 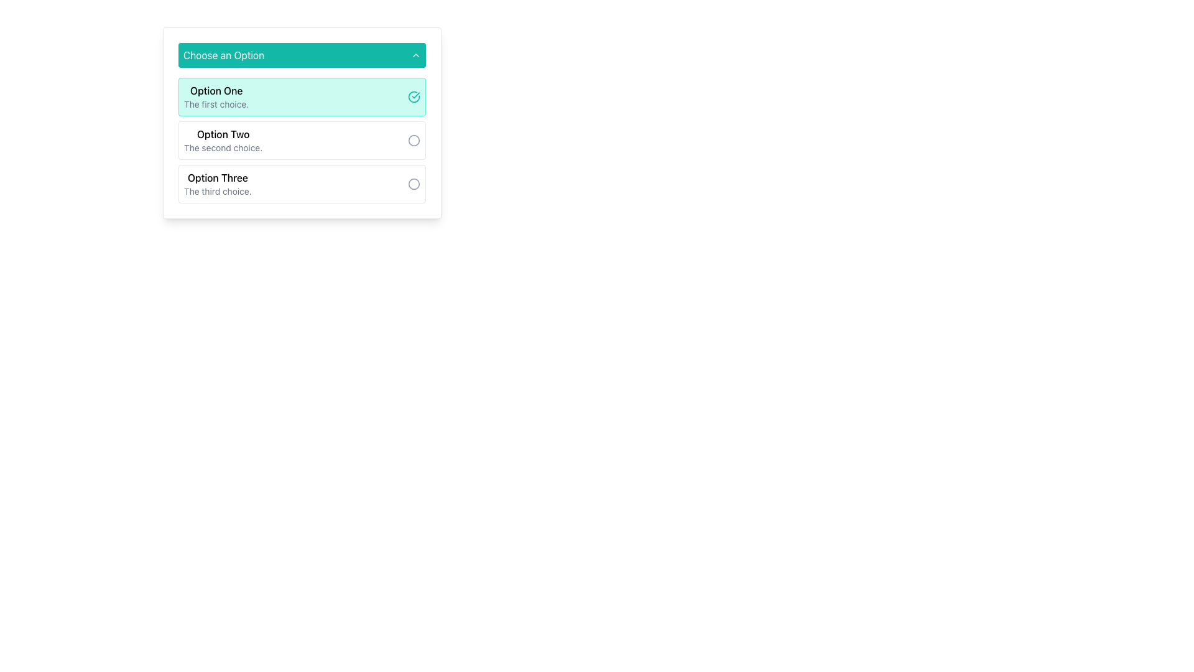 I want to click on the visual feedback of the interactive indicator resembling a radio button, which is part of the UI options for 'Option Two', so click(x=414, y=184).